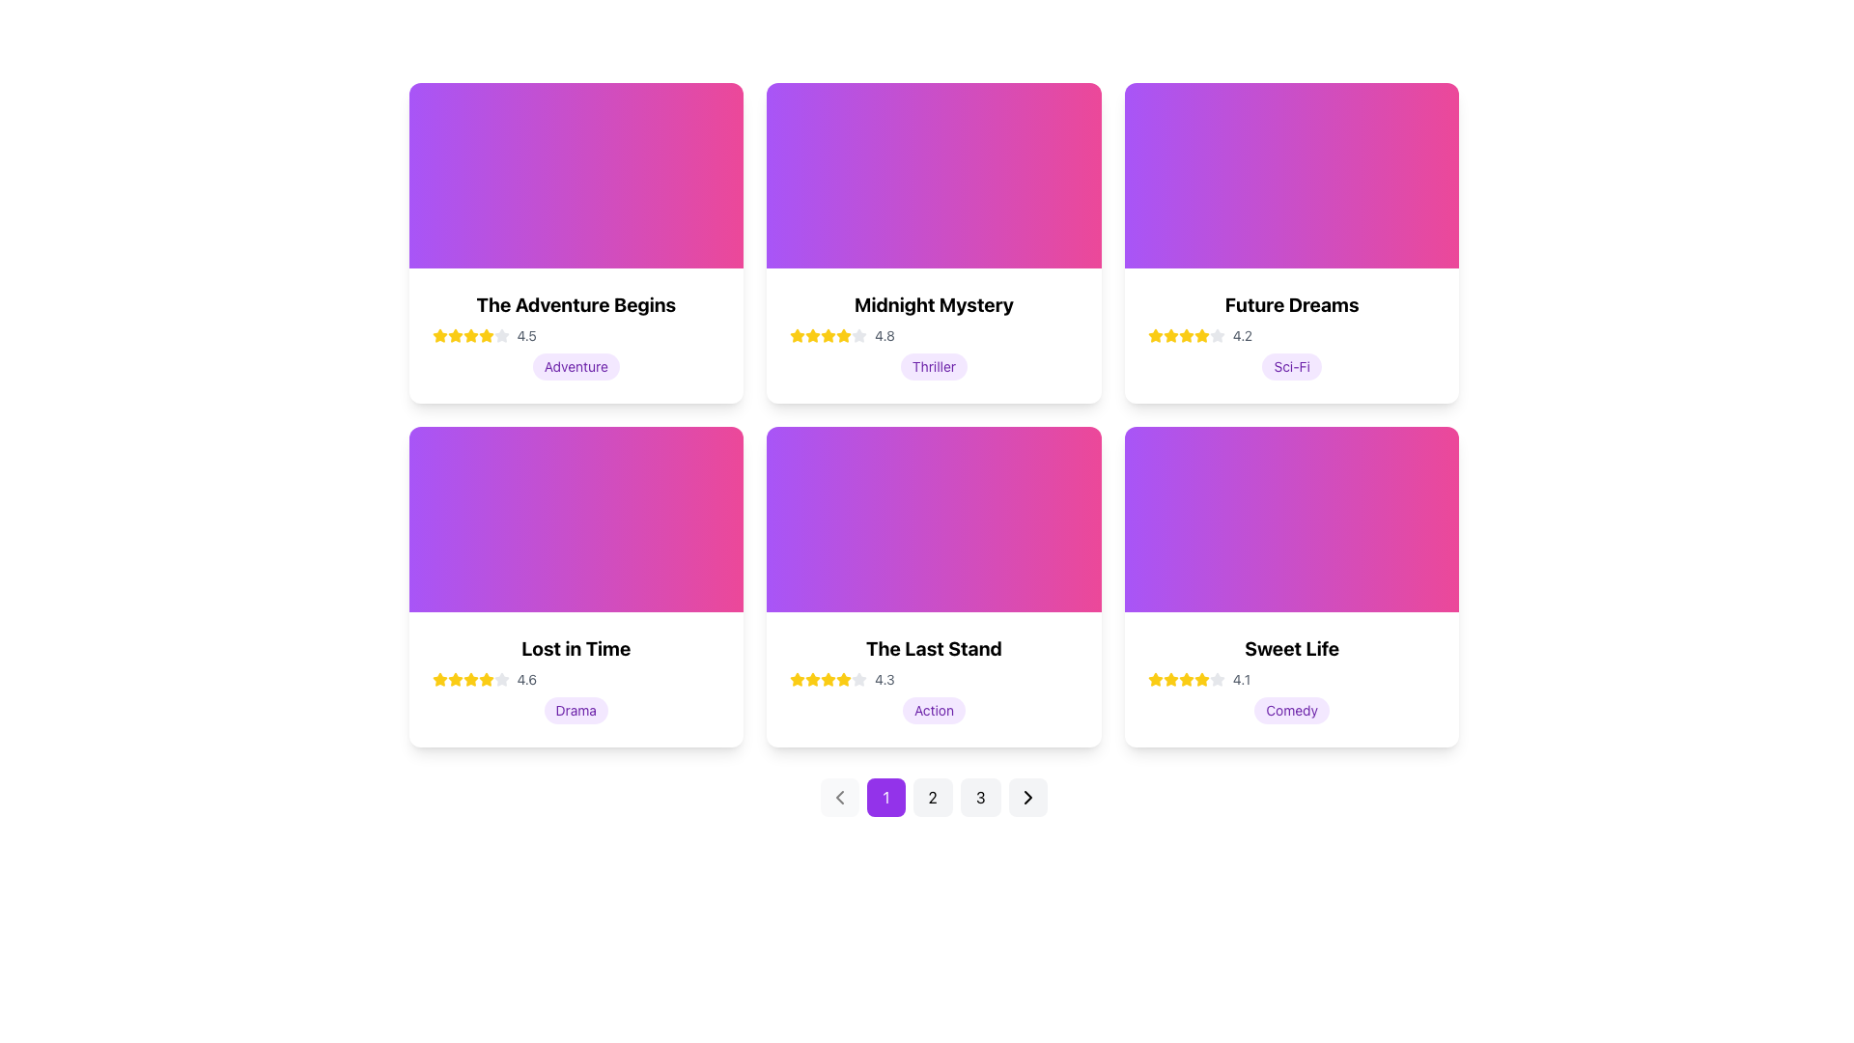  Describe the element at coordinates (1185, 678) in the screenshot. I see `the second star icon in the rating indicator for the movie 'Sweet Life', which is part of a group of five stars located in the bottom part of the card` at that location.